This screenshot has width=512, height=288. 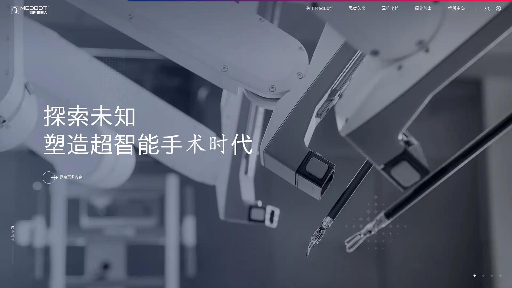 What do you see at coordinates (491, 275) in the screenshot?
I see `Go to slide 3` at bounding box center [491, 275].